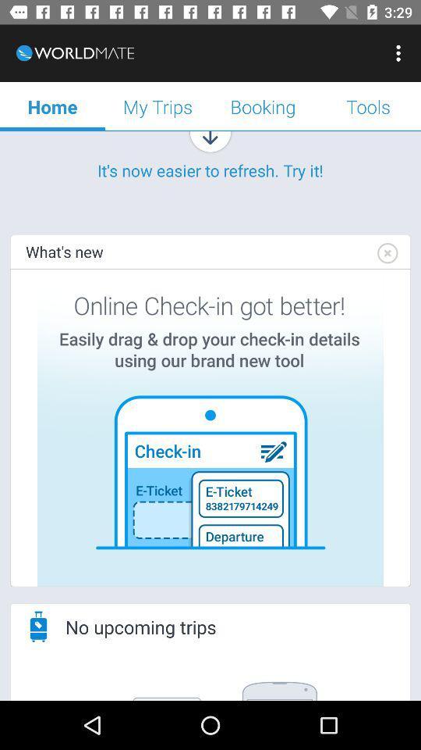  What do you see at coordinates (400, 53) in the screenshot?
I see `the app above the tools app` at bounding box center [400, 53].